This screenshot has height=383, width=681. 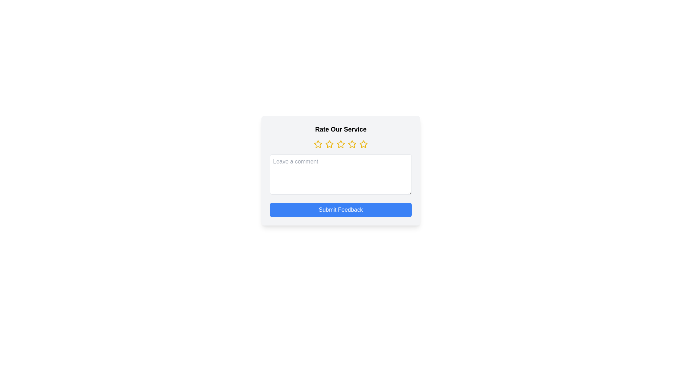 I want to click on the fifth yellow outlined star icon in the horizontal arrangement of stars on the feedback rating bar, so click(x=364, y=144).